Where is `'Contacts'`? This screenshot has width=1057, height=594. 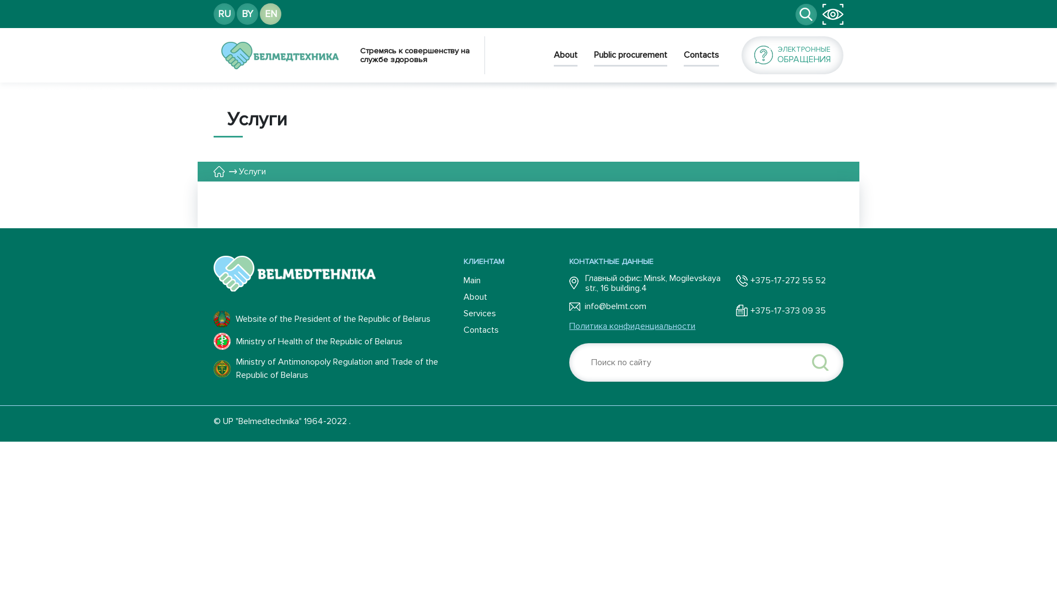 'Contacts' is located at coordinates (515, 329).